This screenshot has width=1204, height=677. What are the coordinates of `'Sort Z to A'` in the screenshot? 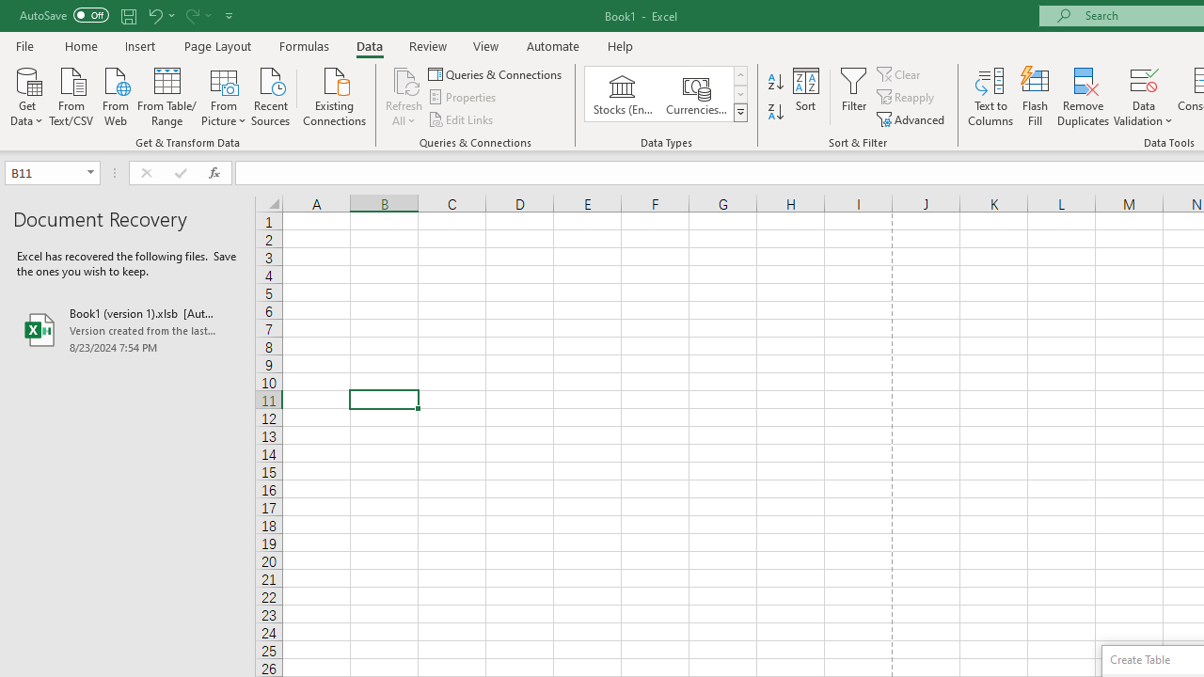 It's located at (775, 112).